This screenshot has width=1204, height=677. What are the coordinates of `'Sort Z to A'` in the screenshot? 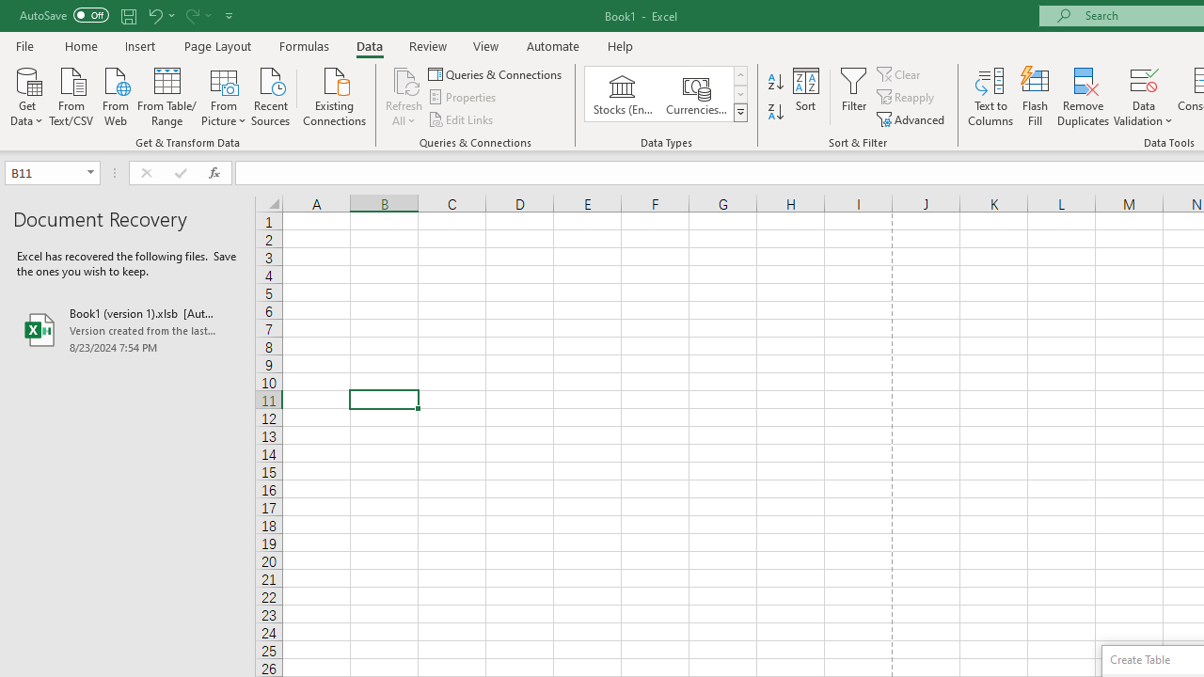 It's located at (775, 112).